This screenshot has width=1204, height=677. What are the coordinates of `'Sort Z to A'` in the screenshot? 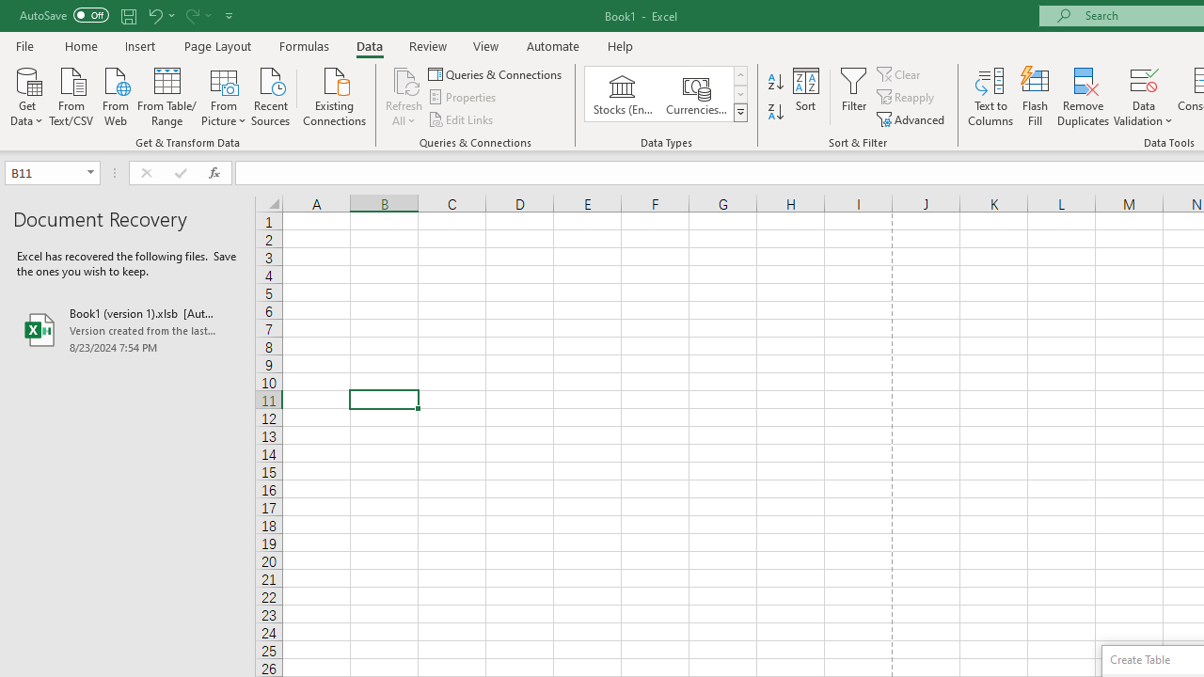 It's located at (775, 112).